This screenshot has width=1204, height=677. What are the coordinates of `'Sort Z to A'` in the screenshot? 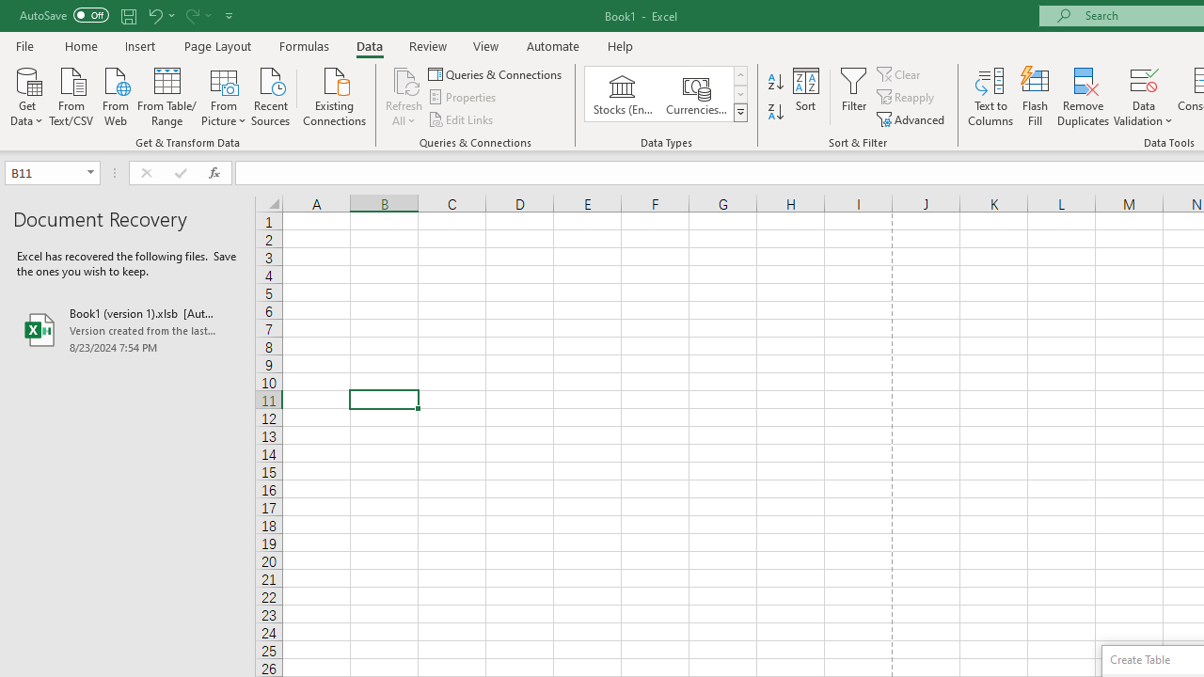 It's located at (775, 112).